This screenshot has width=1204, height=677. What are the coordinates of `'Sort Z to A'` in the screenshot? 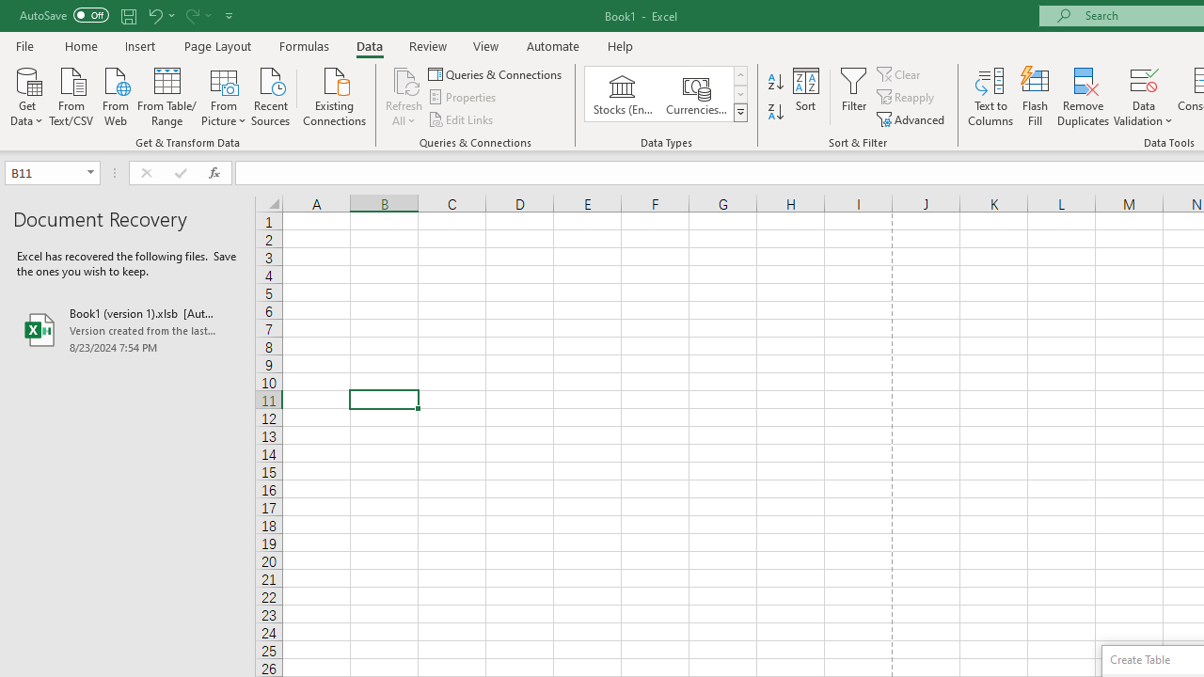 It's located at (775, 112).